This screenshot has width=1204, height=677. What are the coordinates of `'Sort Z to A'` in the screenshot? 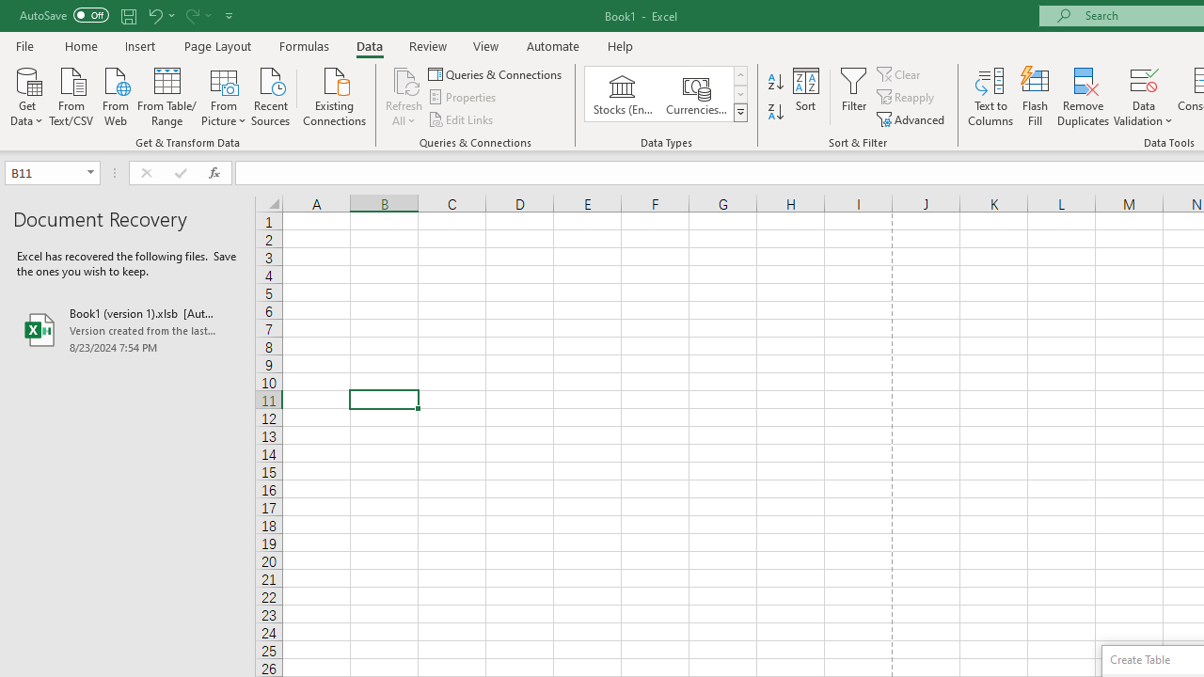 It's located at (775, 112).